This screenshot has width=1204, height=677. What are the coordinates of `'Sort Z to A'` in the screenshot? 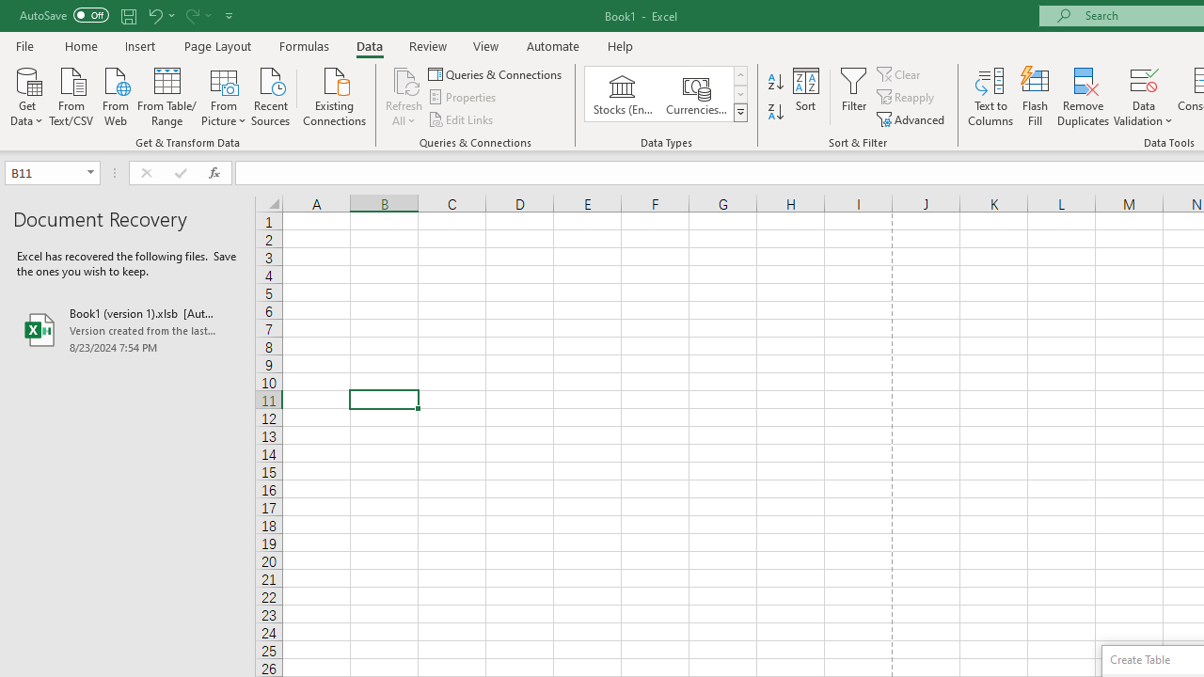 It's located at (775, 112).